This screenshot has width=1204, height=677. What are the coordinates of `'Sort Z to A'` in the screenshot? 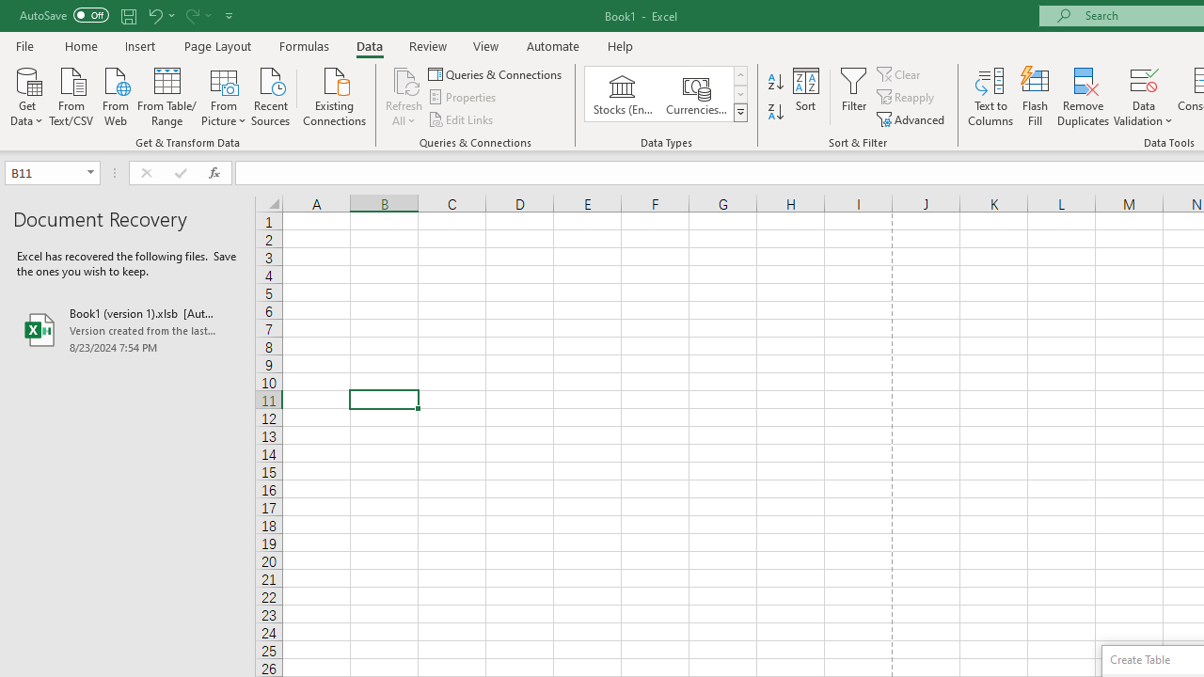 It's located at (775, 112).